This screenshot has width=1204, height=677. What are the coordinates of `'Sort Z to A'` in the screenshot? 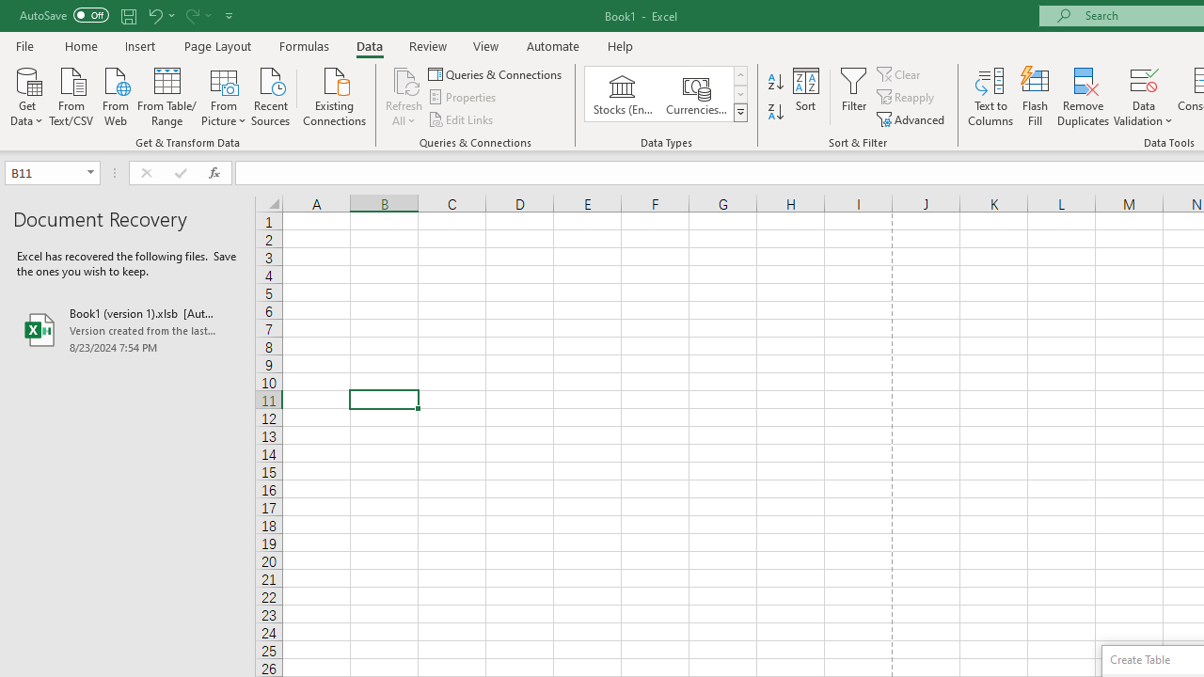 It's located at (775, 112).